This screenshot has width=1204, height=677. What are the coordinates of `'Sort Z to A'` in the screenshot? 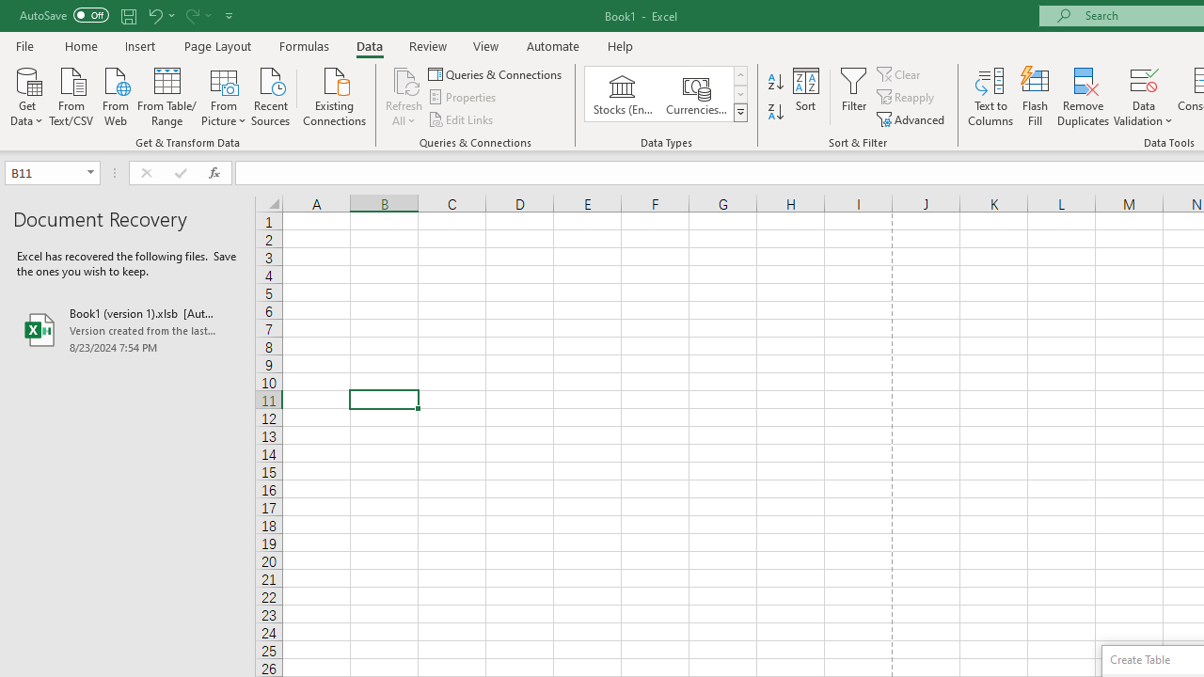 It's located at (775, 112).